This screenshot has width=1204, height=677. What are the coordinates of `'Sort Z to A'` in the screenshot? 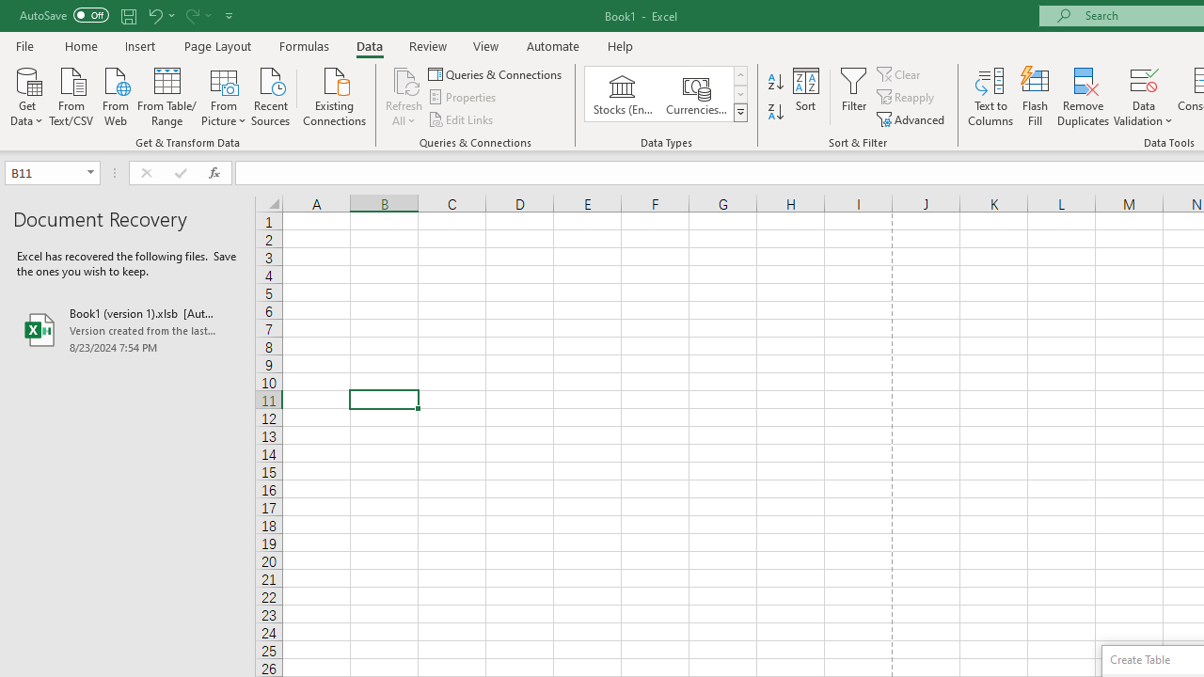 It's located at (775, 112).